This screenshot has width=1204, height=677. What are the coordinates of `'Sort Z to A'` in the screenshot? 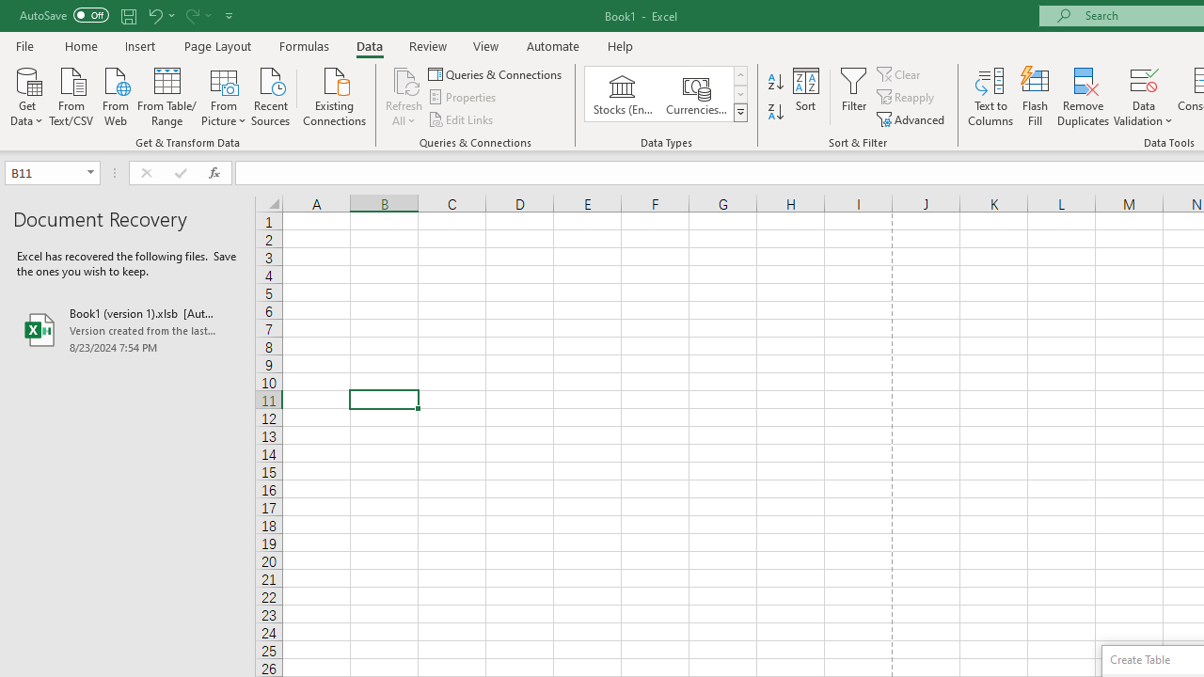 It's located at (775, 112).